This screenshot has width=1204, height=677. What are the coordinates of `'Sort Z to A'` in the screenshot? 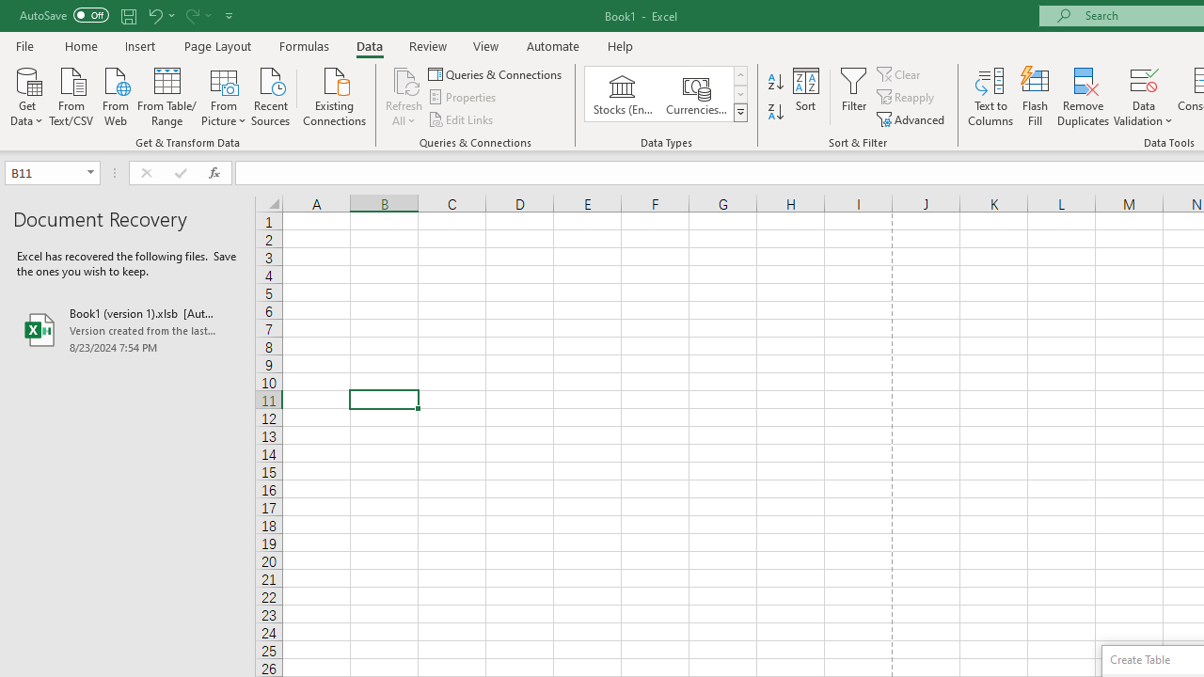 It's located at (775, 112).